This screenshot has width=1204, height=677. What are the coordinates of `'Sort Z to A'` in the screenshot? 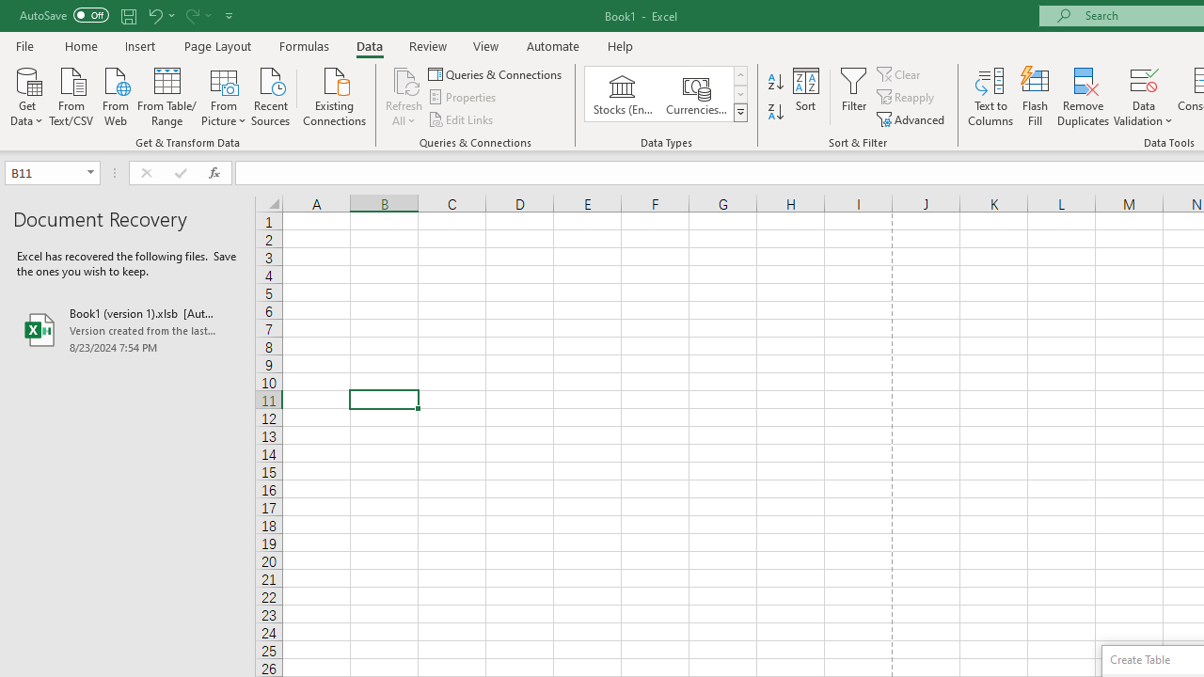 It's located at (775, 112).